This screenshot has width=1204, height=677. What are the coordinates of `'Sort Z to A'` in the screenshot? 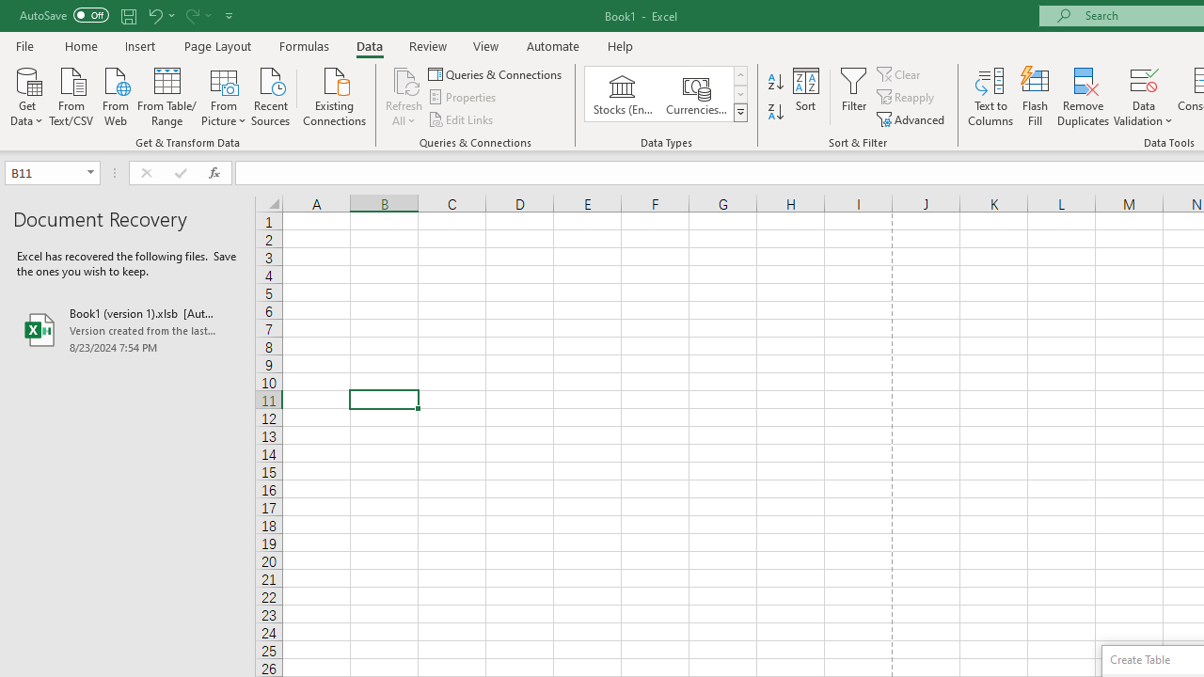 It's located at (775, 112).